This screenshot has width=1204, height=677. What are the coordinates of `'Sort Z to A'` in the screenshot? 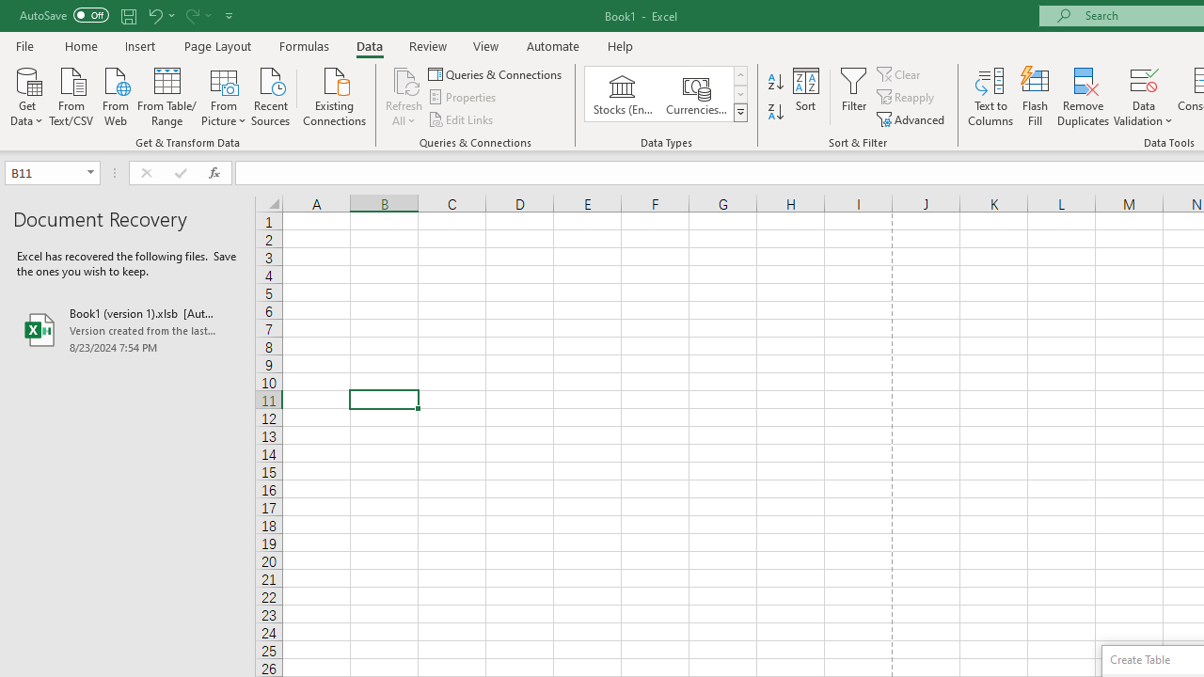 It's located at (775, 112).